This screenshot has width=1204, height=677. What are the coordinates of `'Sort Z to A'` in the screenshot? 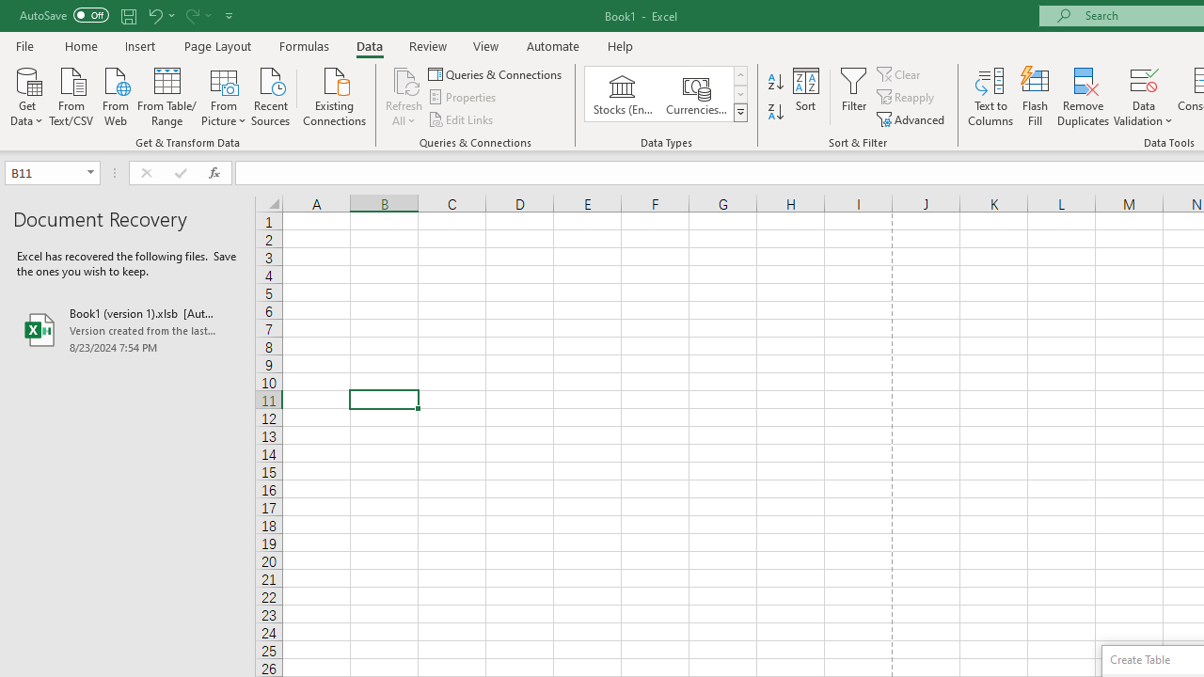 It's located at (775, 112).